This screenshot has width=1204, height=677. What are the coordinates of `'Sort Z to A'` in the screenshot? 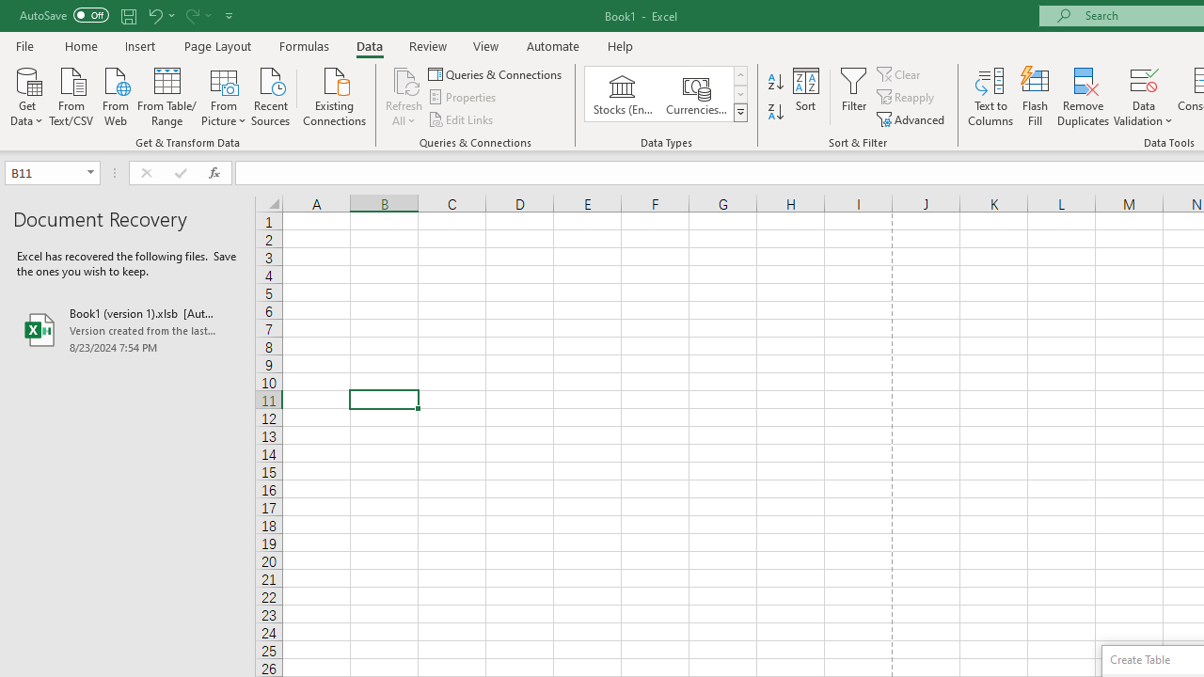 It's located at (775, 112).